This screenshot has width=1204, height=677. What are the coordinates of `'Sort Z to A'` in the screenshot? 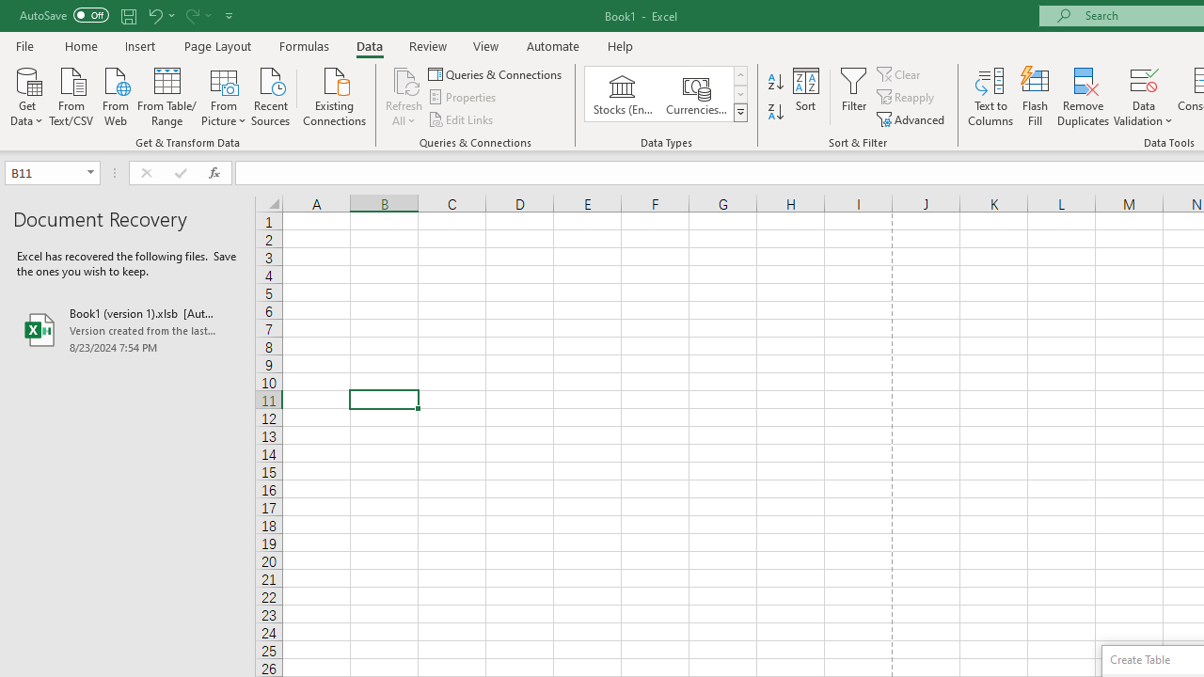 It's located at (775, 112).